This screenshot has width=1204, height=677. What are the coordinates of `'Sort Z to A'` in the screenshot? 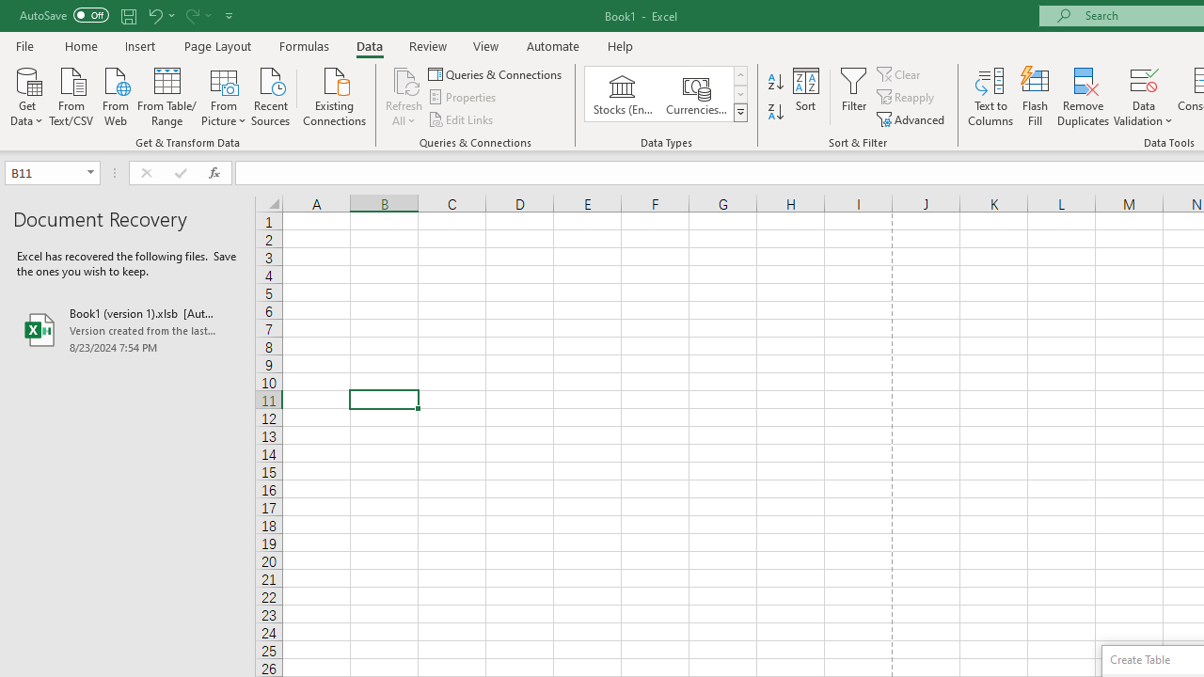 It's located at (775, 112).